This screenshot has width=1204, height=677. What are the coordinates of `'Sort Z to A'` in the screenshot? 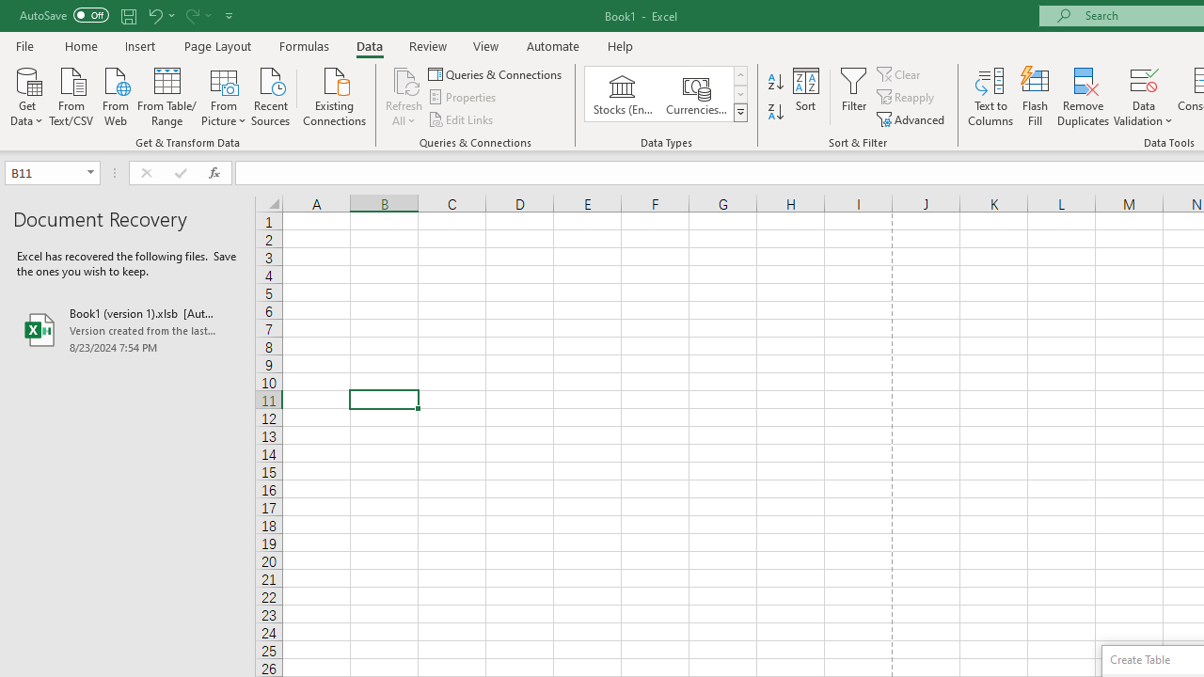 It's located at (775, 112).